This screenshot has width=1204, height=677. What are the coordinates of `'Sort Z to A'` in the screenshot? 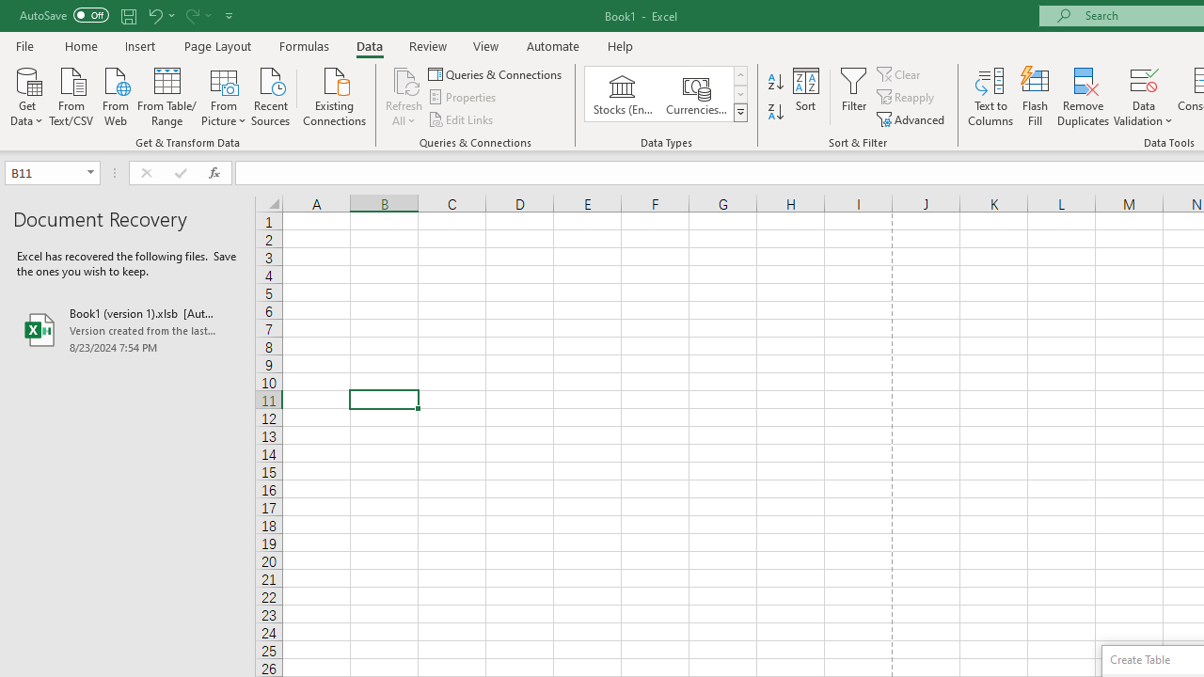 It's located at (775, 112).